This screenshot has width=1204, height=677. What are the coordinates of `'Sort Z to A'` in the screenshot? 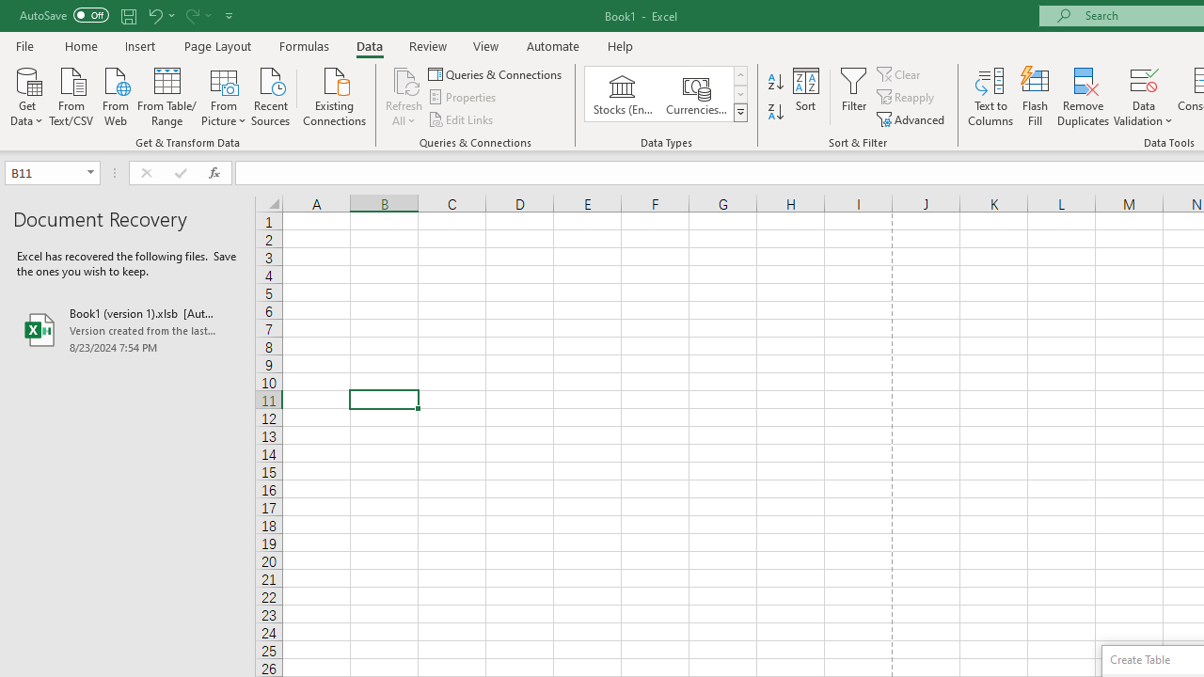 It's located at (775, 112).